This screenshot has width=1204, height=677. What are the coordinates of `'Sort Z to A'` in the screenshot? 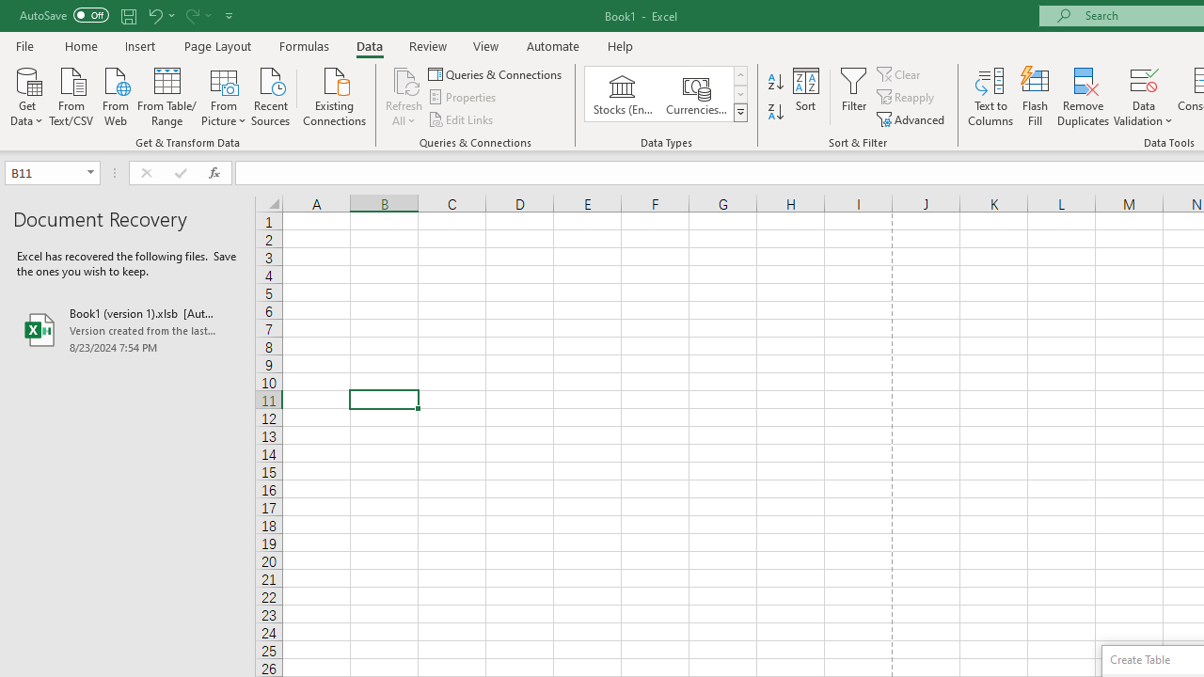 It's located at (775, 112).